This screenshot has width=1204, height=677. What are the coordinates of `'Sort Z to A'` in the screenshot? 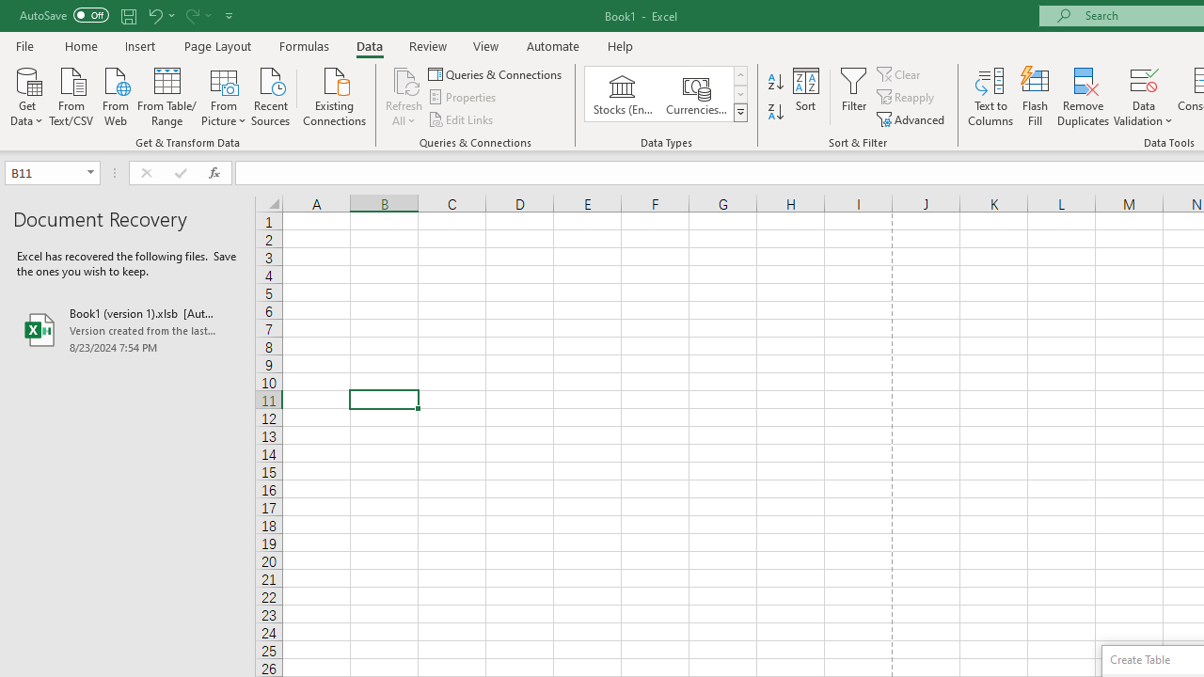 It's located at (775, 112).